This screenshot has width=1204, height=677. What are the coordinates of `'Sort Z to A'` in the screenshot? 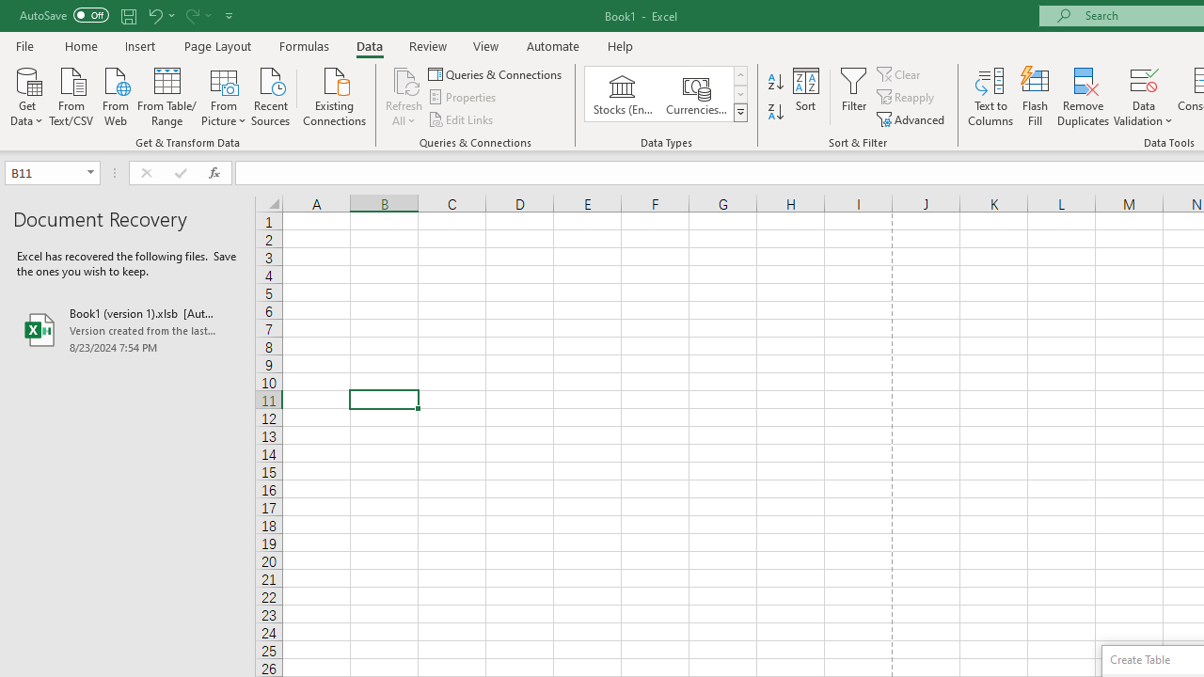 It's located at (775, 112).